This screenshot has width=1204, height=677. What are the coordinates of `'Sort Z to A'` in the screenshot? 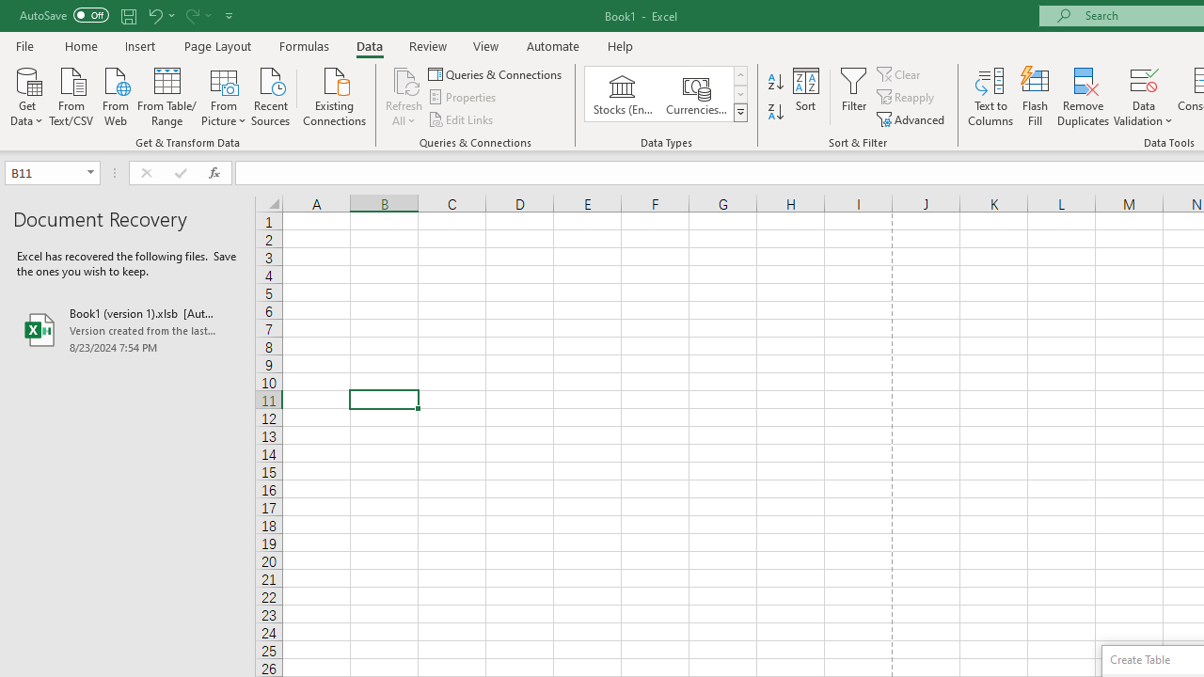 It's located at (775, 112).